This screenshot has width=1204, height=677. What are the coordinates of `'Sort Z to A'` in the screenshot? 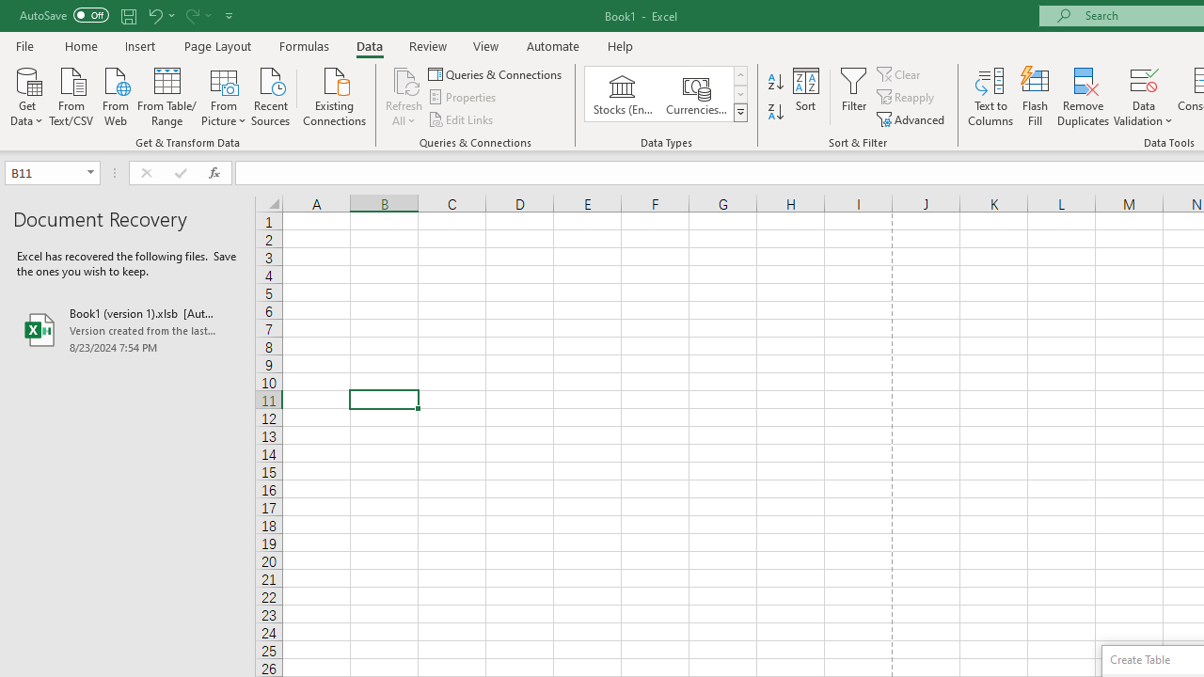 It's located at (775, 112).